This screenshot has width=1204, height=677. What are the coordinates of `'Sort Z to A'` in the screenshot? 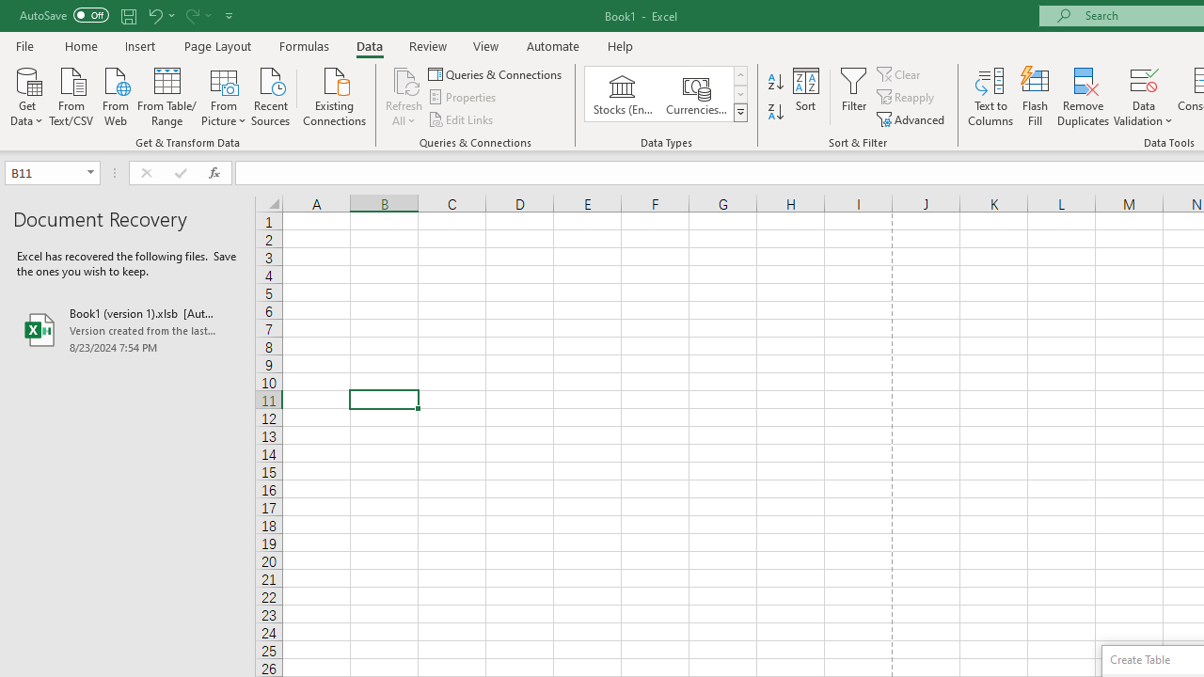 It's located at (775, 112).